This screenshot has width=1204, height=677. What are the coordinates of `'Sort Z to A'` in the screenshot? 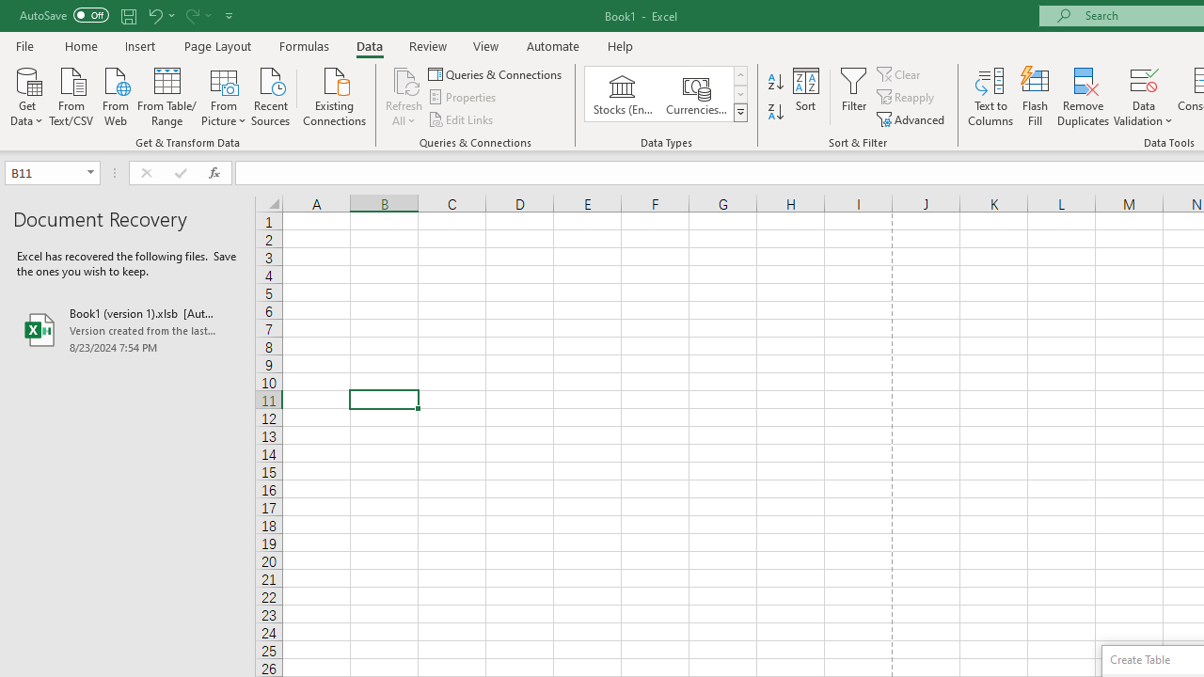 It's located at (775, 112).